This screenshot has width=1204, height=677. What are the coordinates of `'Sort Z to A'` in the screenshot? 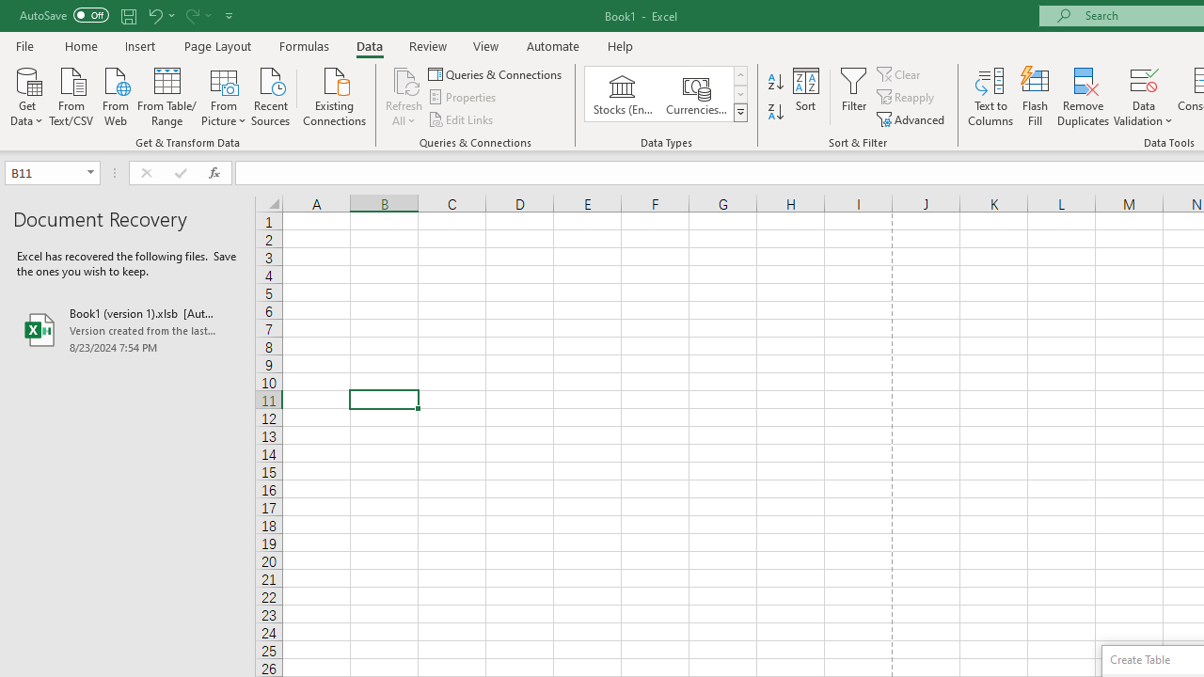 It's located at (775, 112).